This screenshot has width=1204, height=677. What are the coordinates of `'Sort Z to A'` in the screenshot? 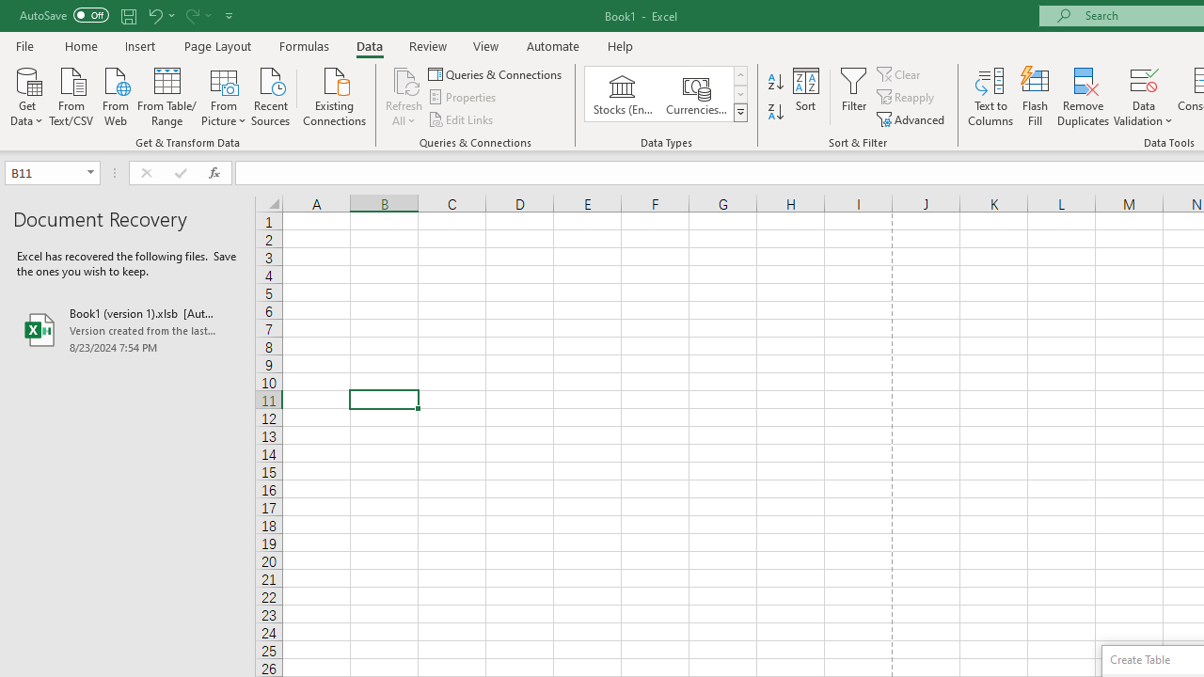 It's located at (775, 112).